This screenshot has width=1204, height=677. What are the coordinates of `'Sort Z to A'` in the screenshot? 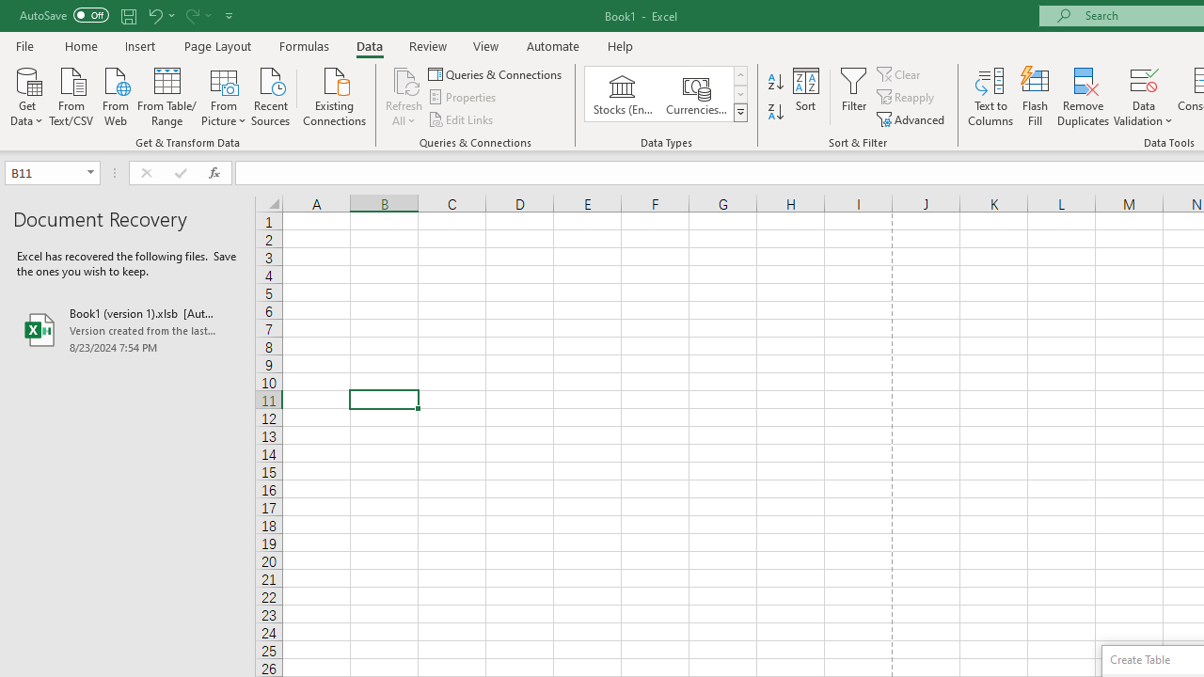 It's located at (775, 112).